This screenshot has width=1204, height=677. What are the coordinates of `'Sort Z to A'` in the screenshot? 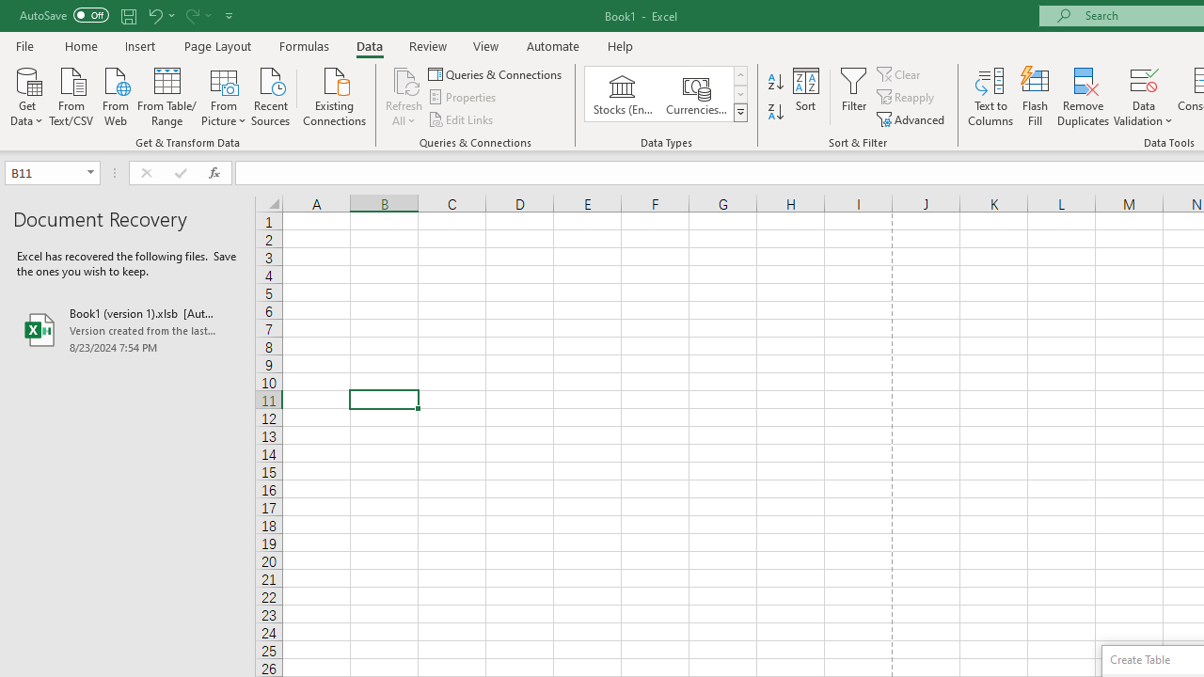 It's located at (775, 112).